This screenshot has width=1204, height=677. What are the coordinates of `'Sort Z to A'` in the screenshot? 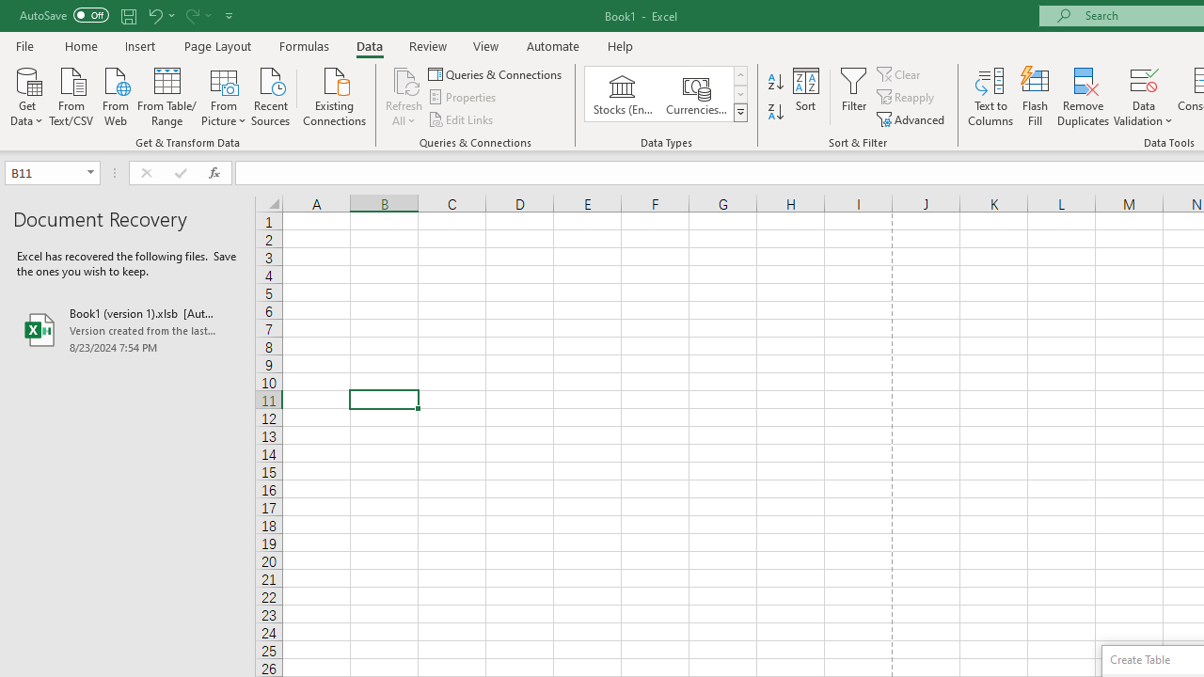 It's located at (775, 112).